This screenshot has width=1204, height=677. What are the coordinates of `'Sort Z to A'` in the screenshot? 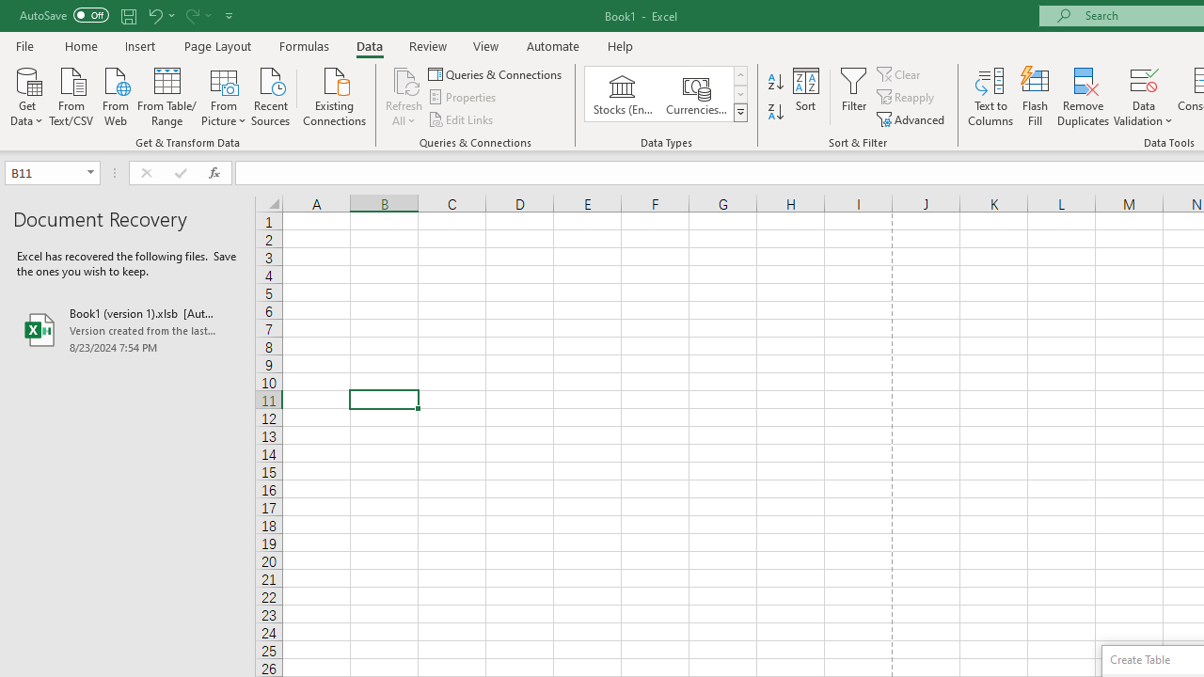 It's located at (775, 112).